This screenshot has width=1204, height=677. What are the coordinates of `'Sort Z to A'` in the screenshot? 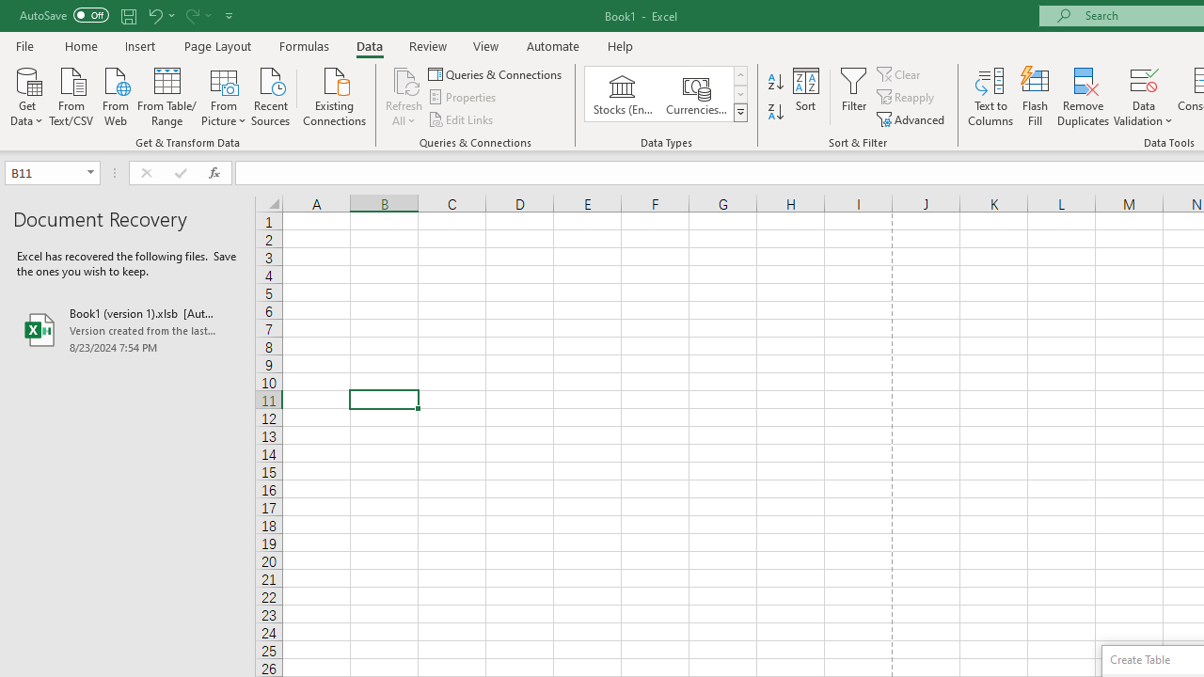 It's located at (775, 112).